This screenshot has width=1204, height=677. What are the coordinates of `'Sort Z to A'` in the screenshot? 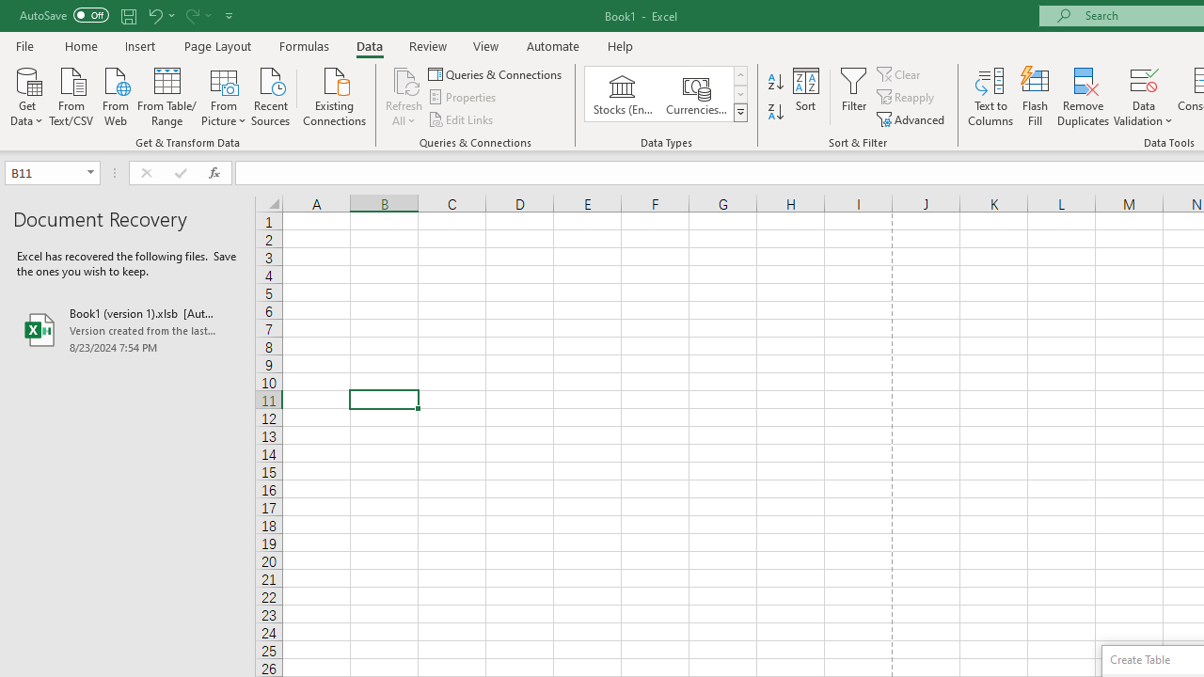 It's located at (775, 112).